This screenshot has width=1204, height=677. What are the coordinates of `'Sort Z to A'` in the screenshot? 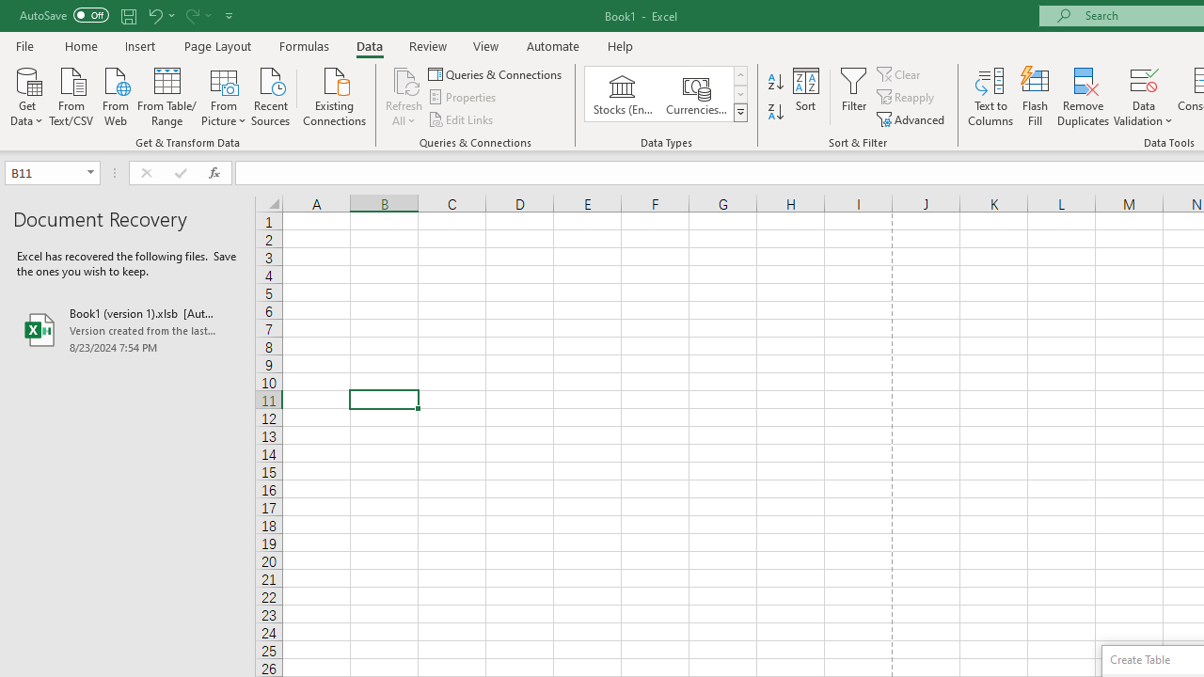 It's located at (775, 112).